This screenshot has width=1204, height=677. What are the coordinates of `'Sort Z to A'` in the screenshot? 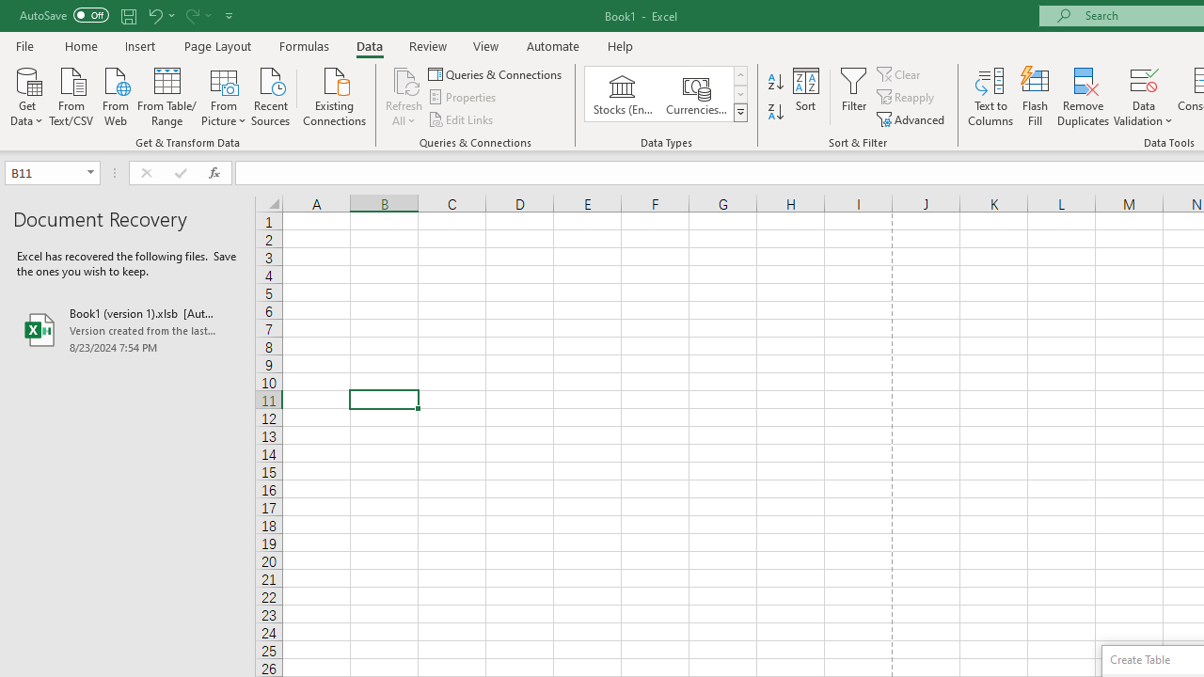 It's located at (775, 112).